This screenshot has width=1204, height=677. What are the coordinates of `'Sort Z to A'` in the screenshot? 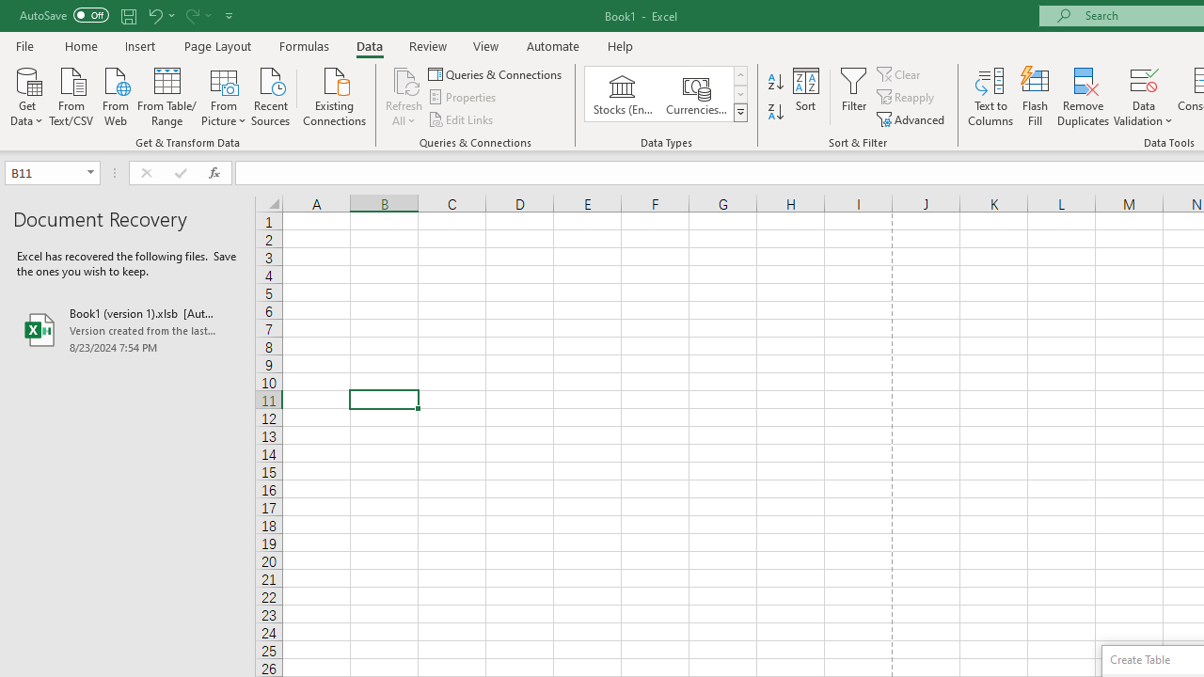 It's located at (775, 112).